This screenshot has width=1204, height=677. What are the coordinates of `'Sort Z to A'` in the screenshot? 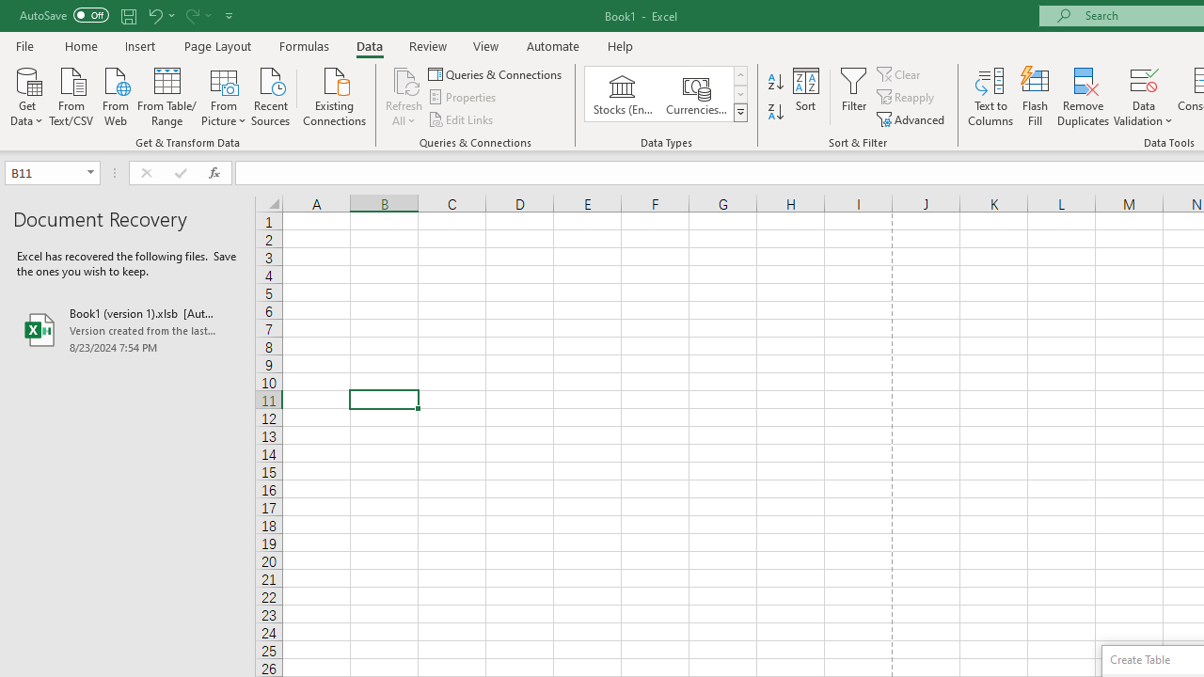 It's located at (775, 112).